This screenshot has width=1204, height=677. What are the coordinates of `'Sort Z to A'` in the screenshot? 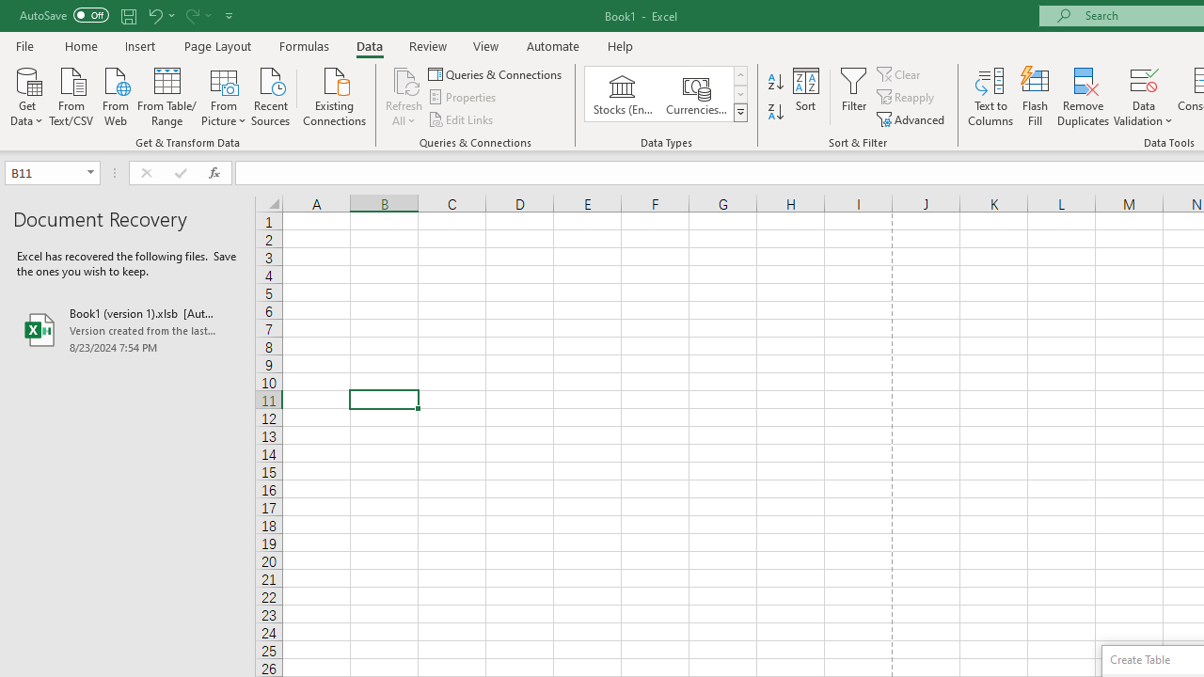 It's located at (775, 112).